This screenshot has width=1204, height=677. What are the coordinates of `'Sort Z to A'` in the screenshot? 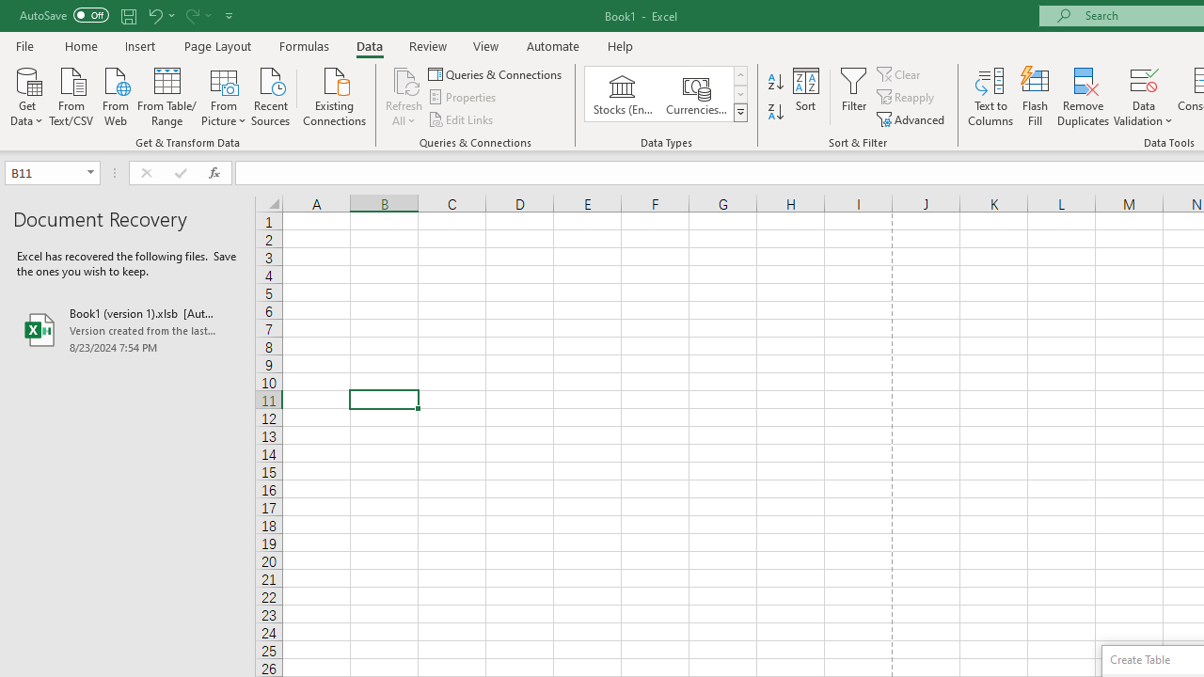 It's located at (775, 112).